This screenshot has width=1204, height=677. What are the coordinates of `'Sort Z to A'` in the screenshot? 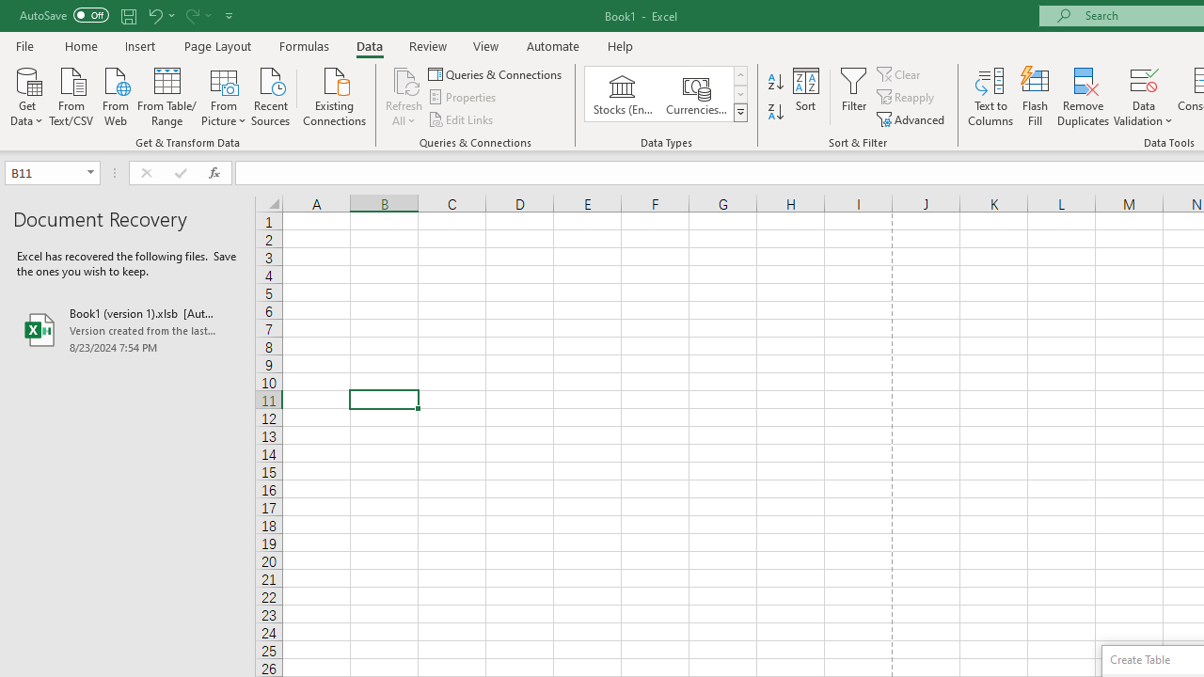 It's located at (775, 112).